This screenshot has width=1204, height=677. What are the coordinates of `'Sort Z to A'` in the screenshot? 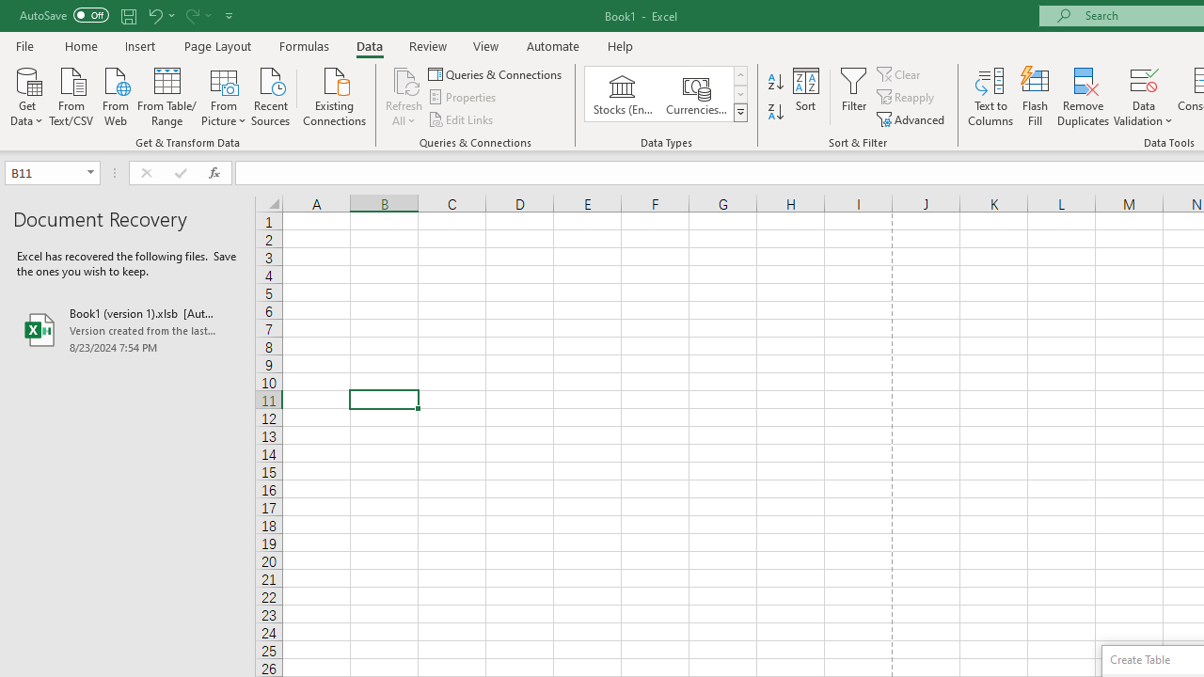 It's located at (775, 112).